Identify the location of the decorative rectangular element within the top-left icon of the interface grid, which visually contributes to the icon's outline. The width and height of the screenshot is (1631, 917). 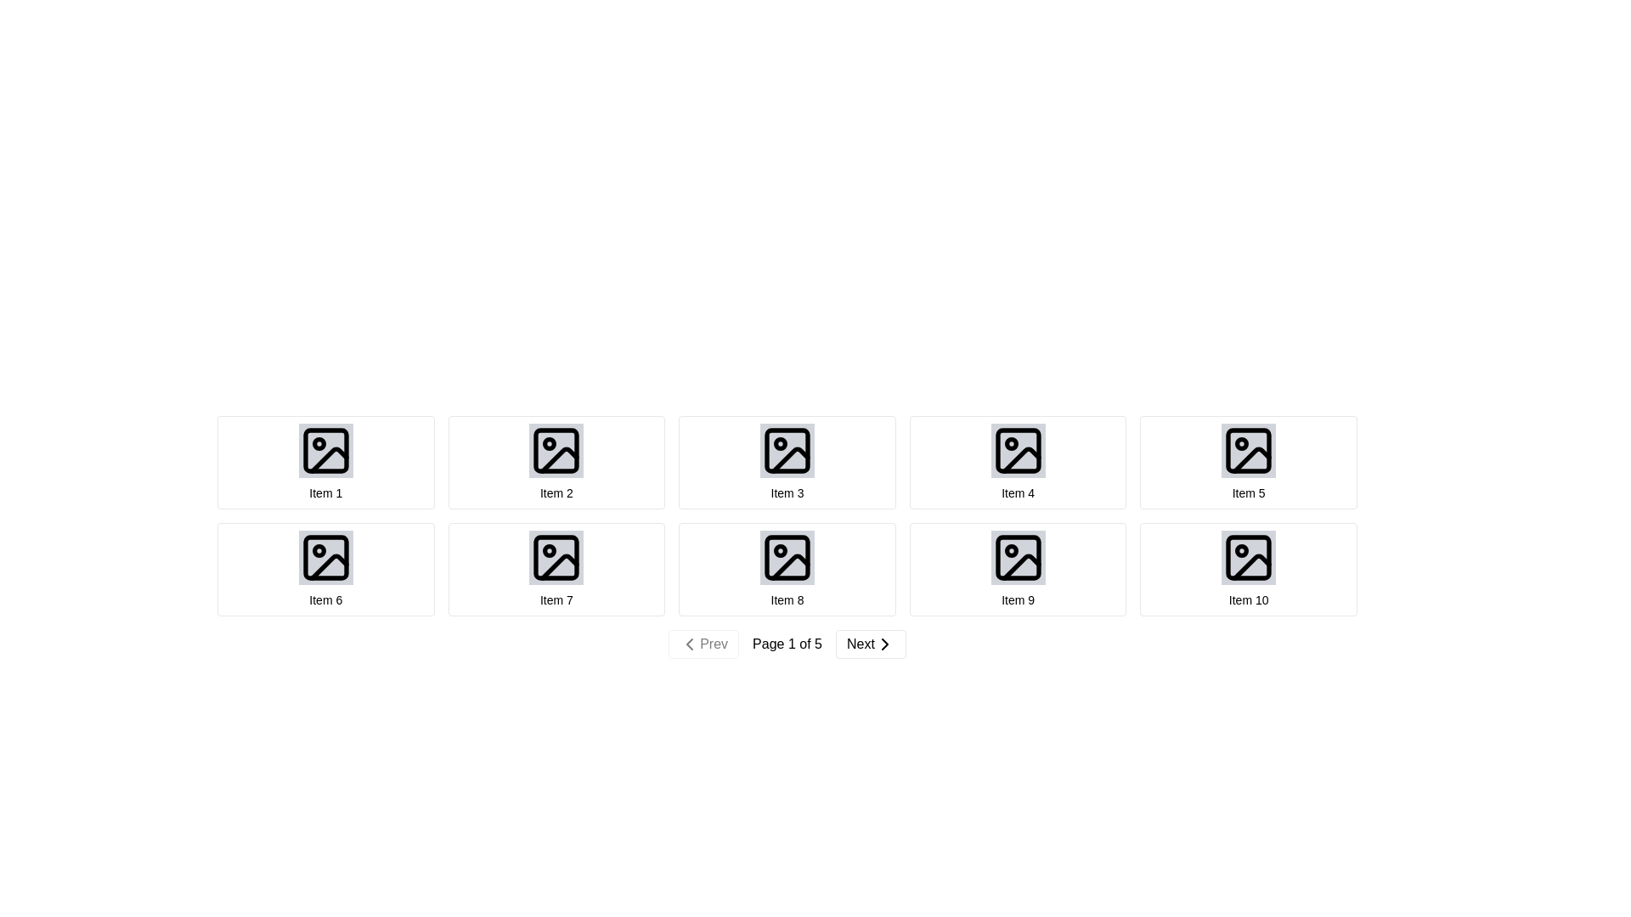
(325, 450).